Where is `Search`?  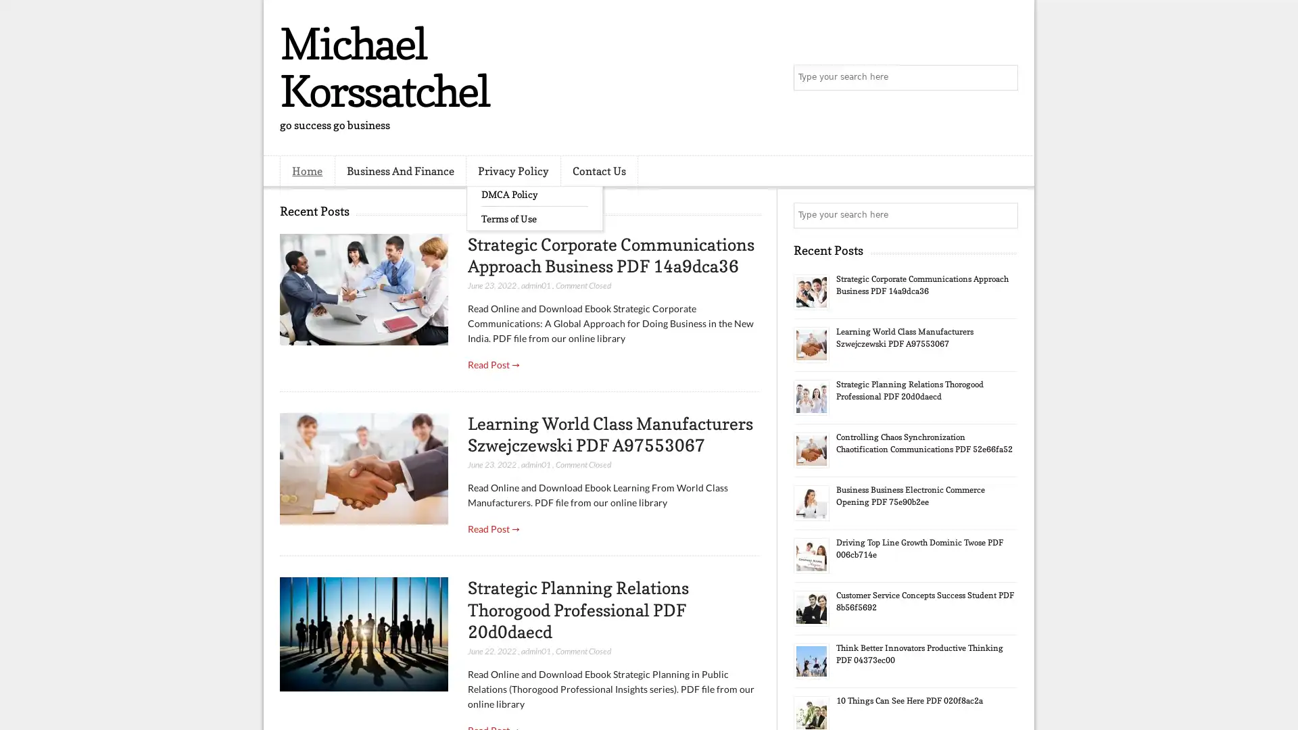
Search is located at coordinates (1004, 215).